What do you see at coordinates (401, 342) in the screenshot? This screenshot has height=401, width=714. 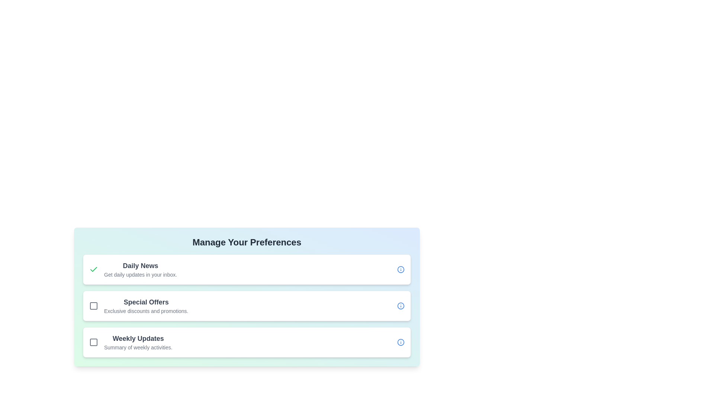 I see `the circular Info Icon with a blue outline and white fill, featuring a blue 'i' symbol, located at the far right of the 'Weekly Updates' section` at bounding box center [401, 342].